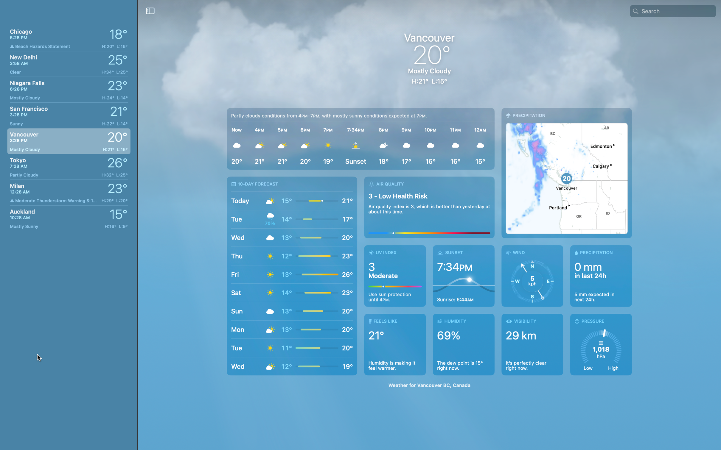  What do you see at coordinates (677, 10) in the screenshot?
I see `the city to London using the search function` at bounding box center [677, 10].